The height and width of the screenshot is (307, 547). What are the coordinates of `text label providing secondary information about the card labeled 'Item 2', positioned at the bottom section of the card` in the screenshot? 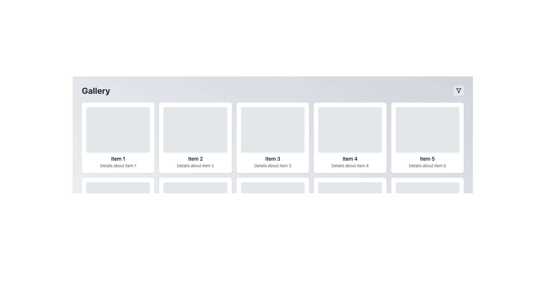 It's located at (195, 165).